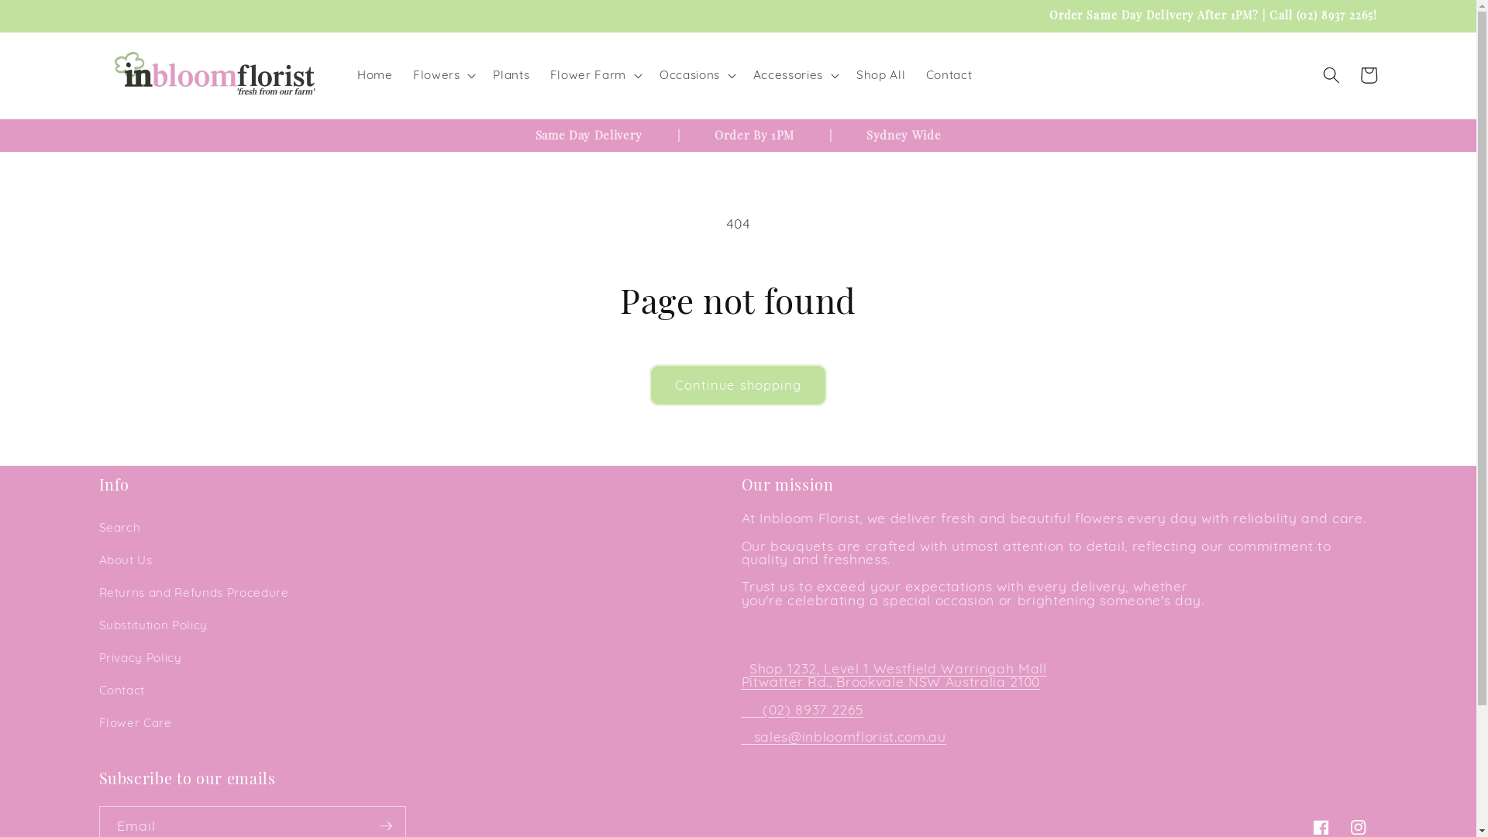 This screenshot has height=837, width=1488. I want to click on 'Privacy Policy', so click(140, 657).